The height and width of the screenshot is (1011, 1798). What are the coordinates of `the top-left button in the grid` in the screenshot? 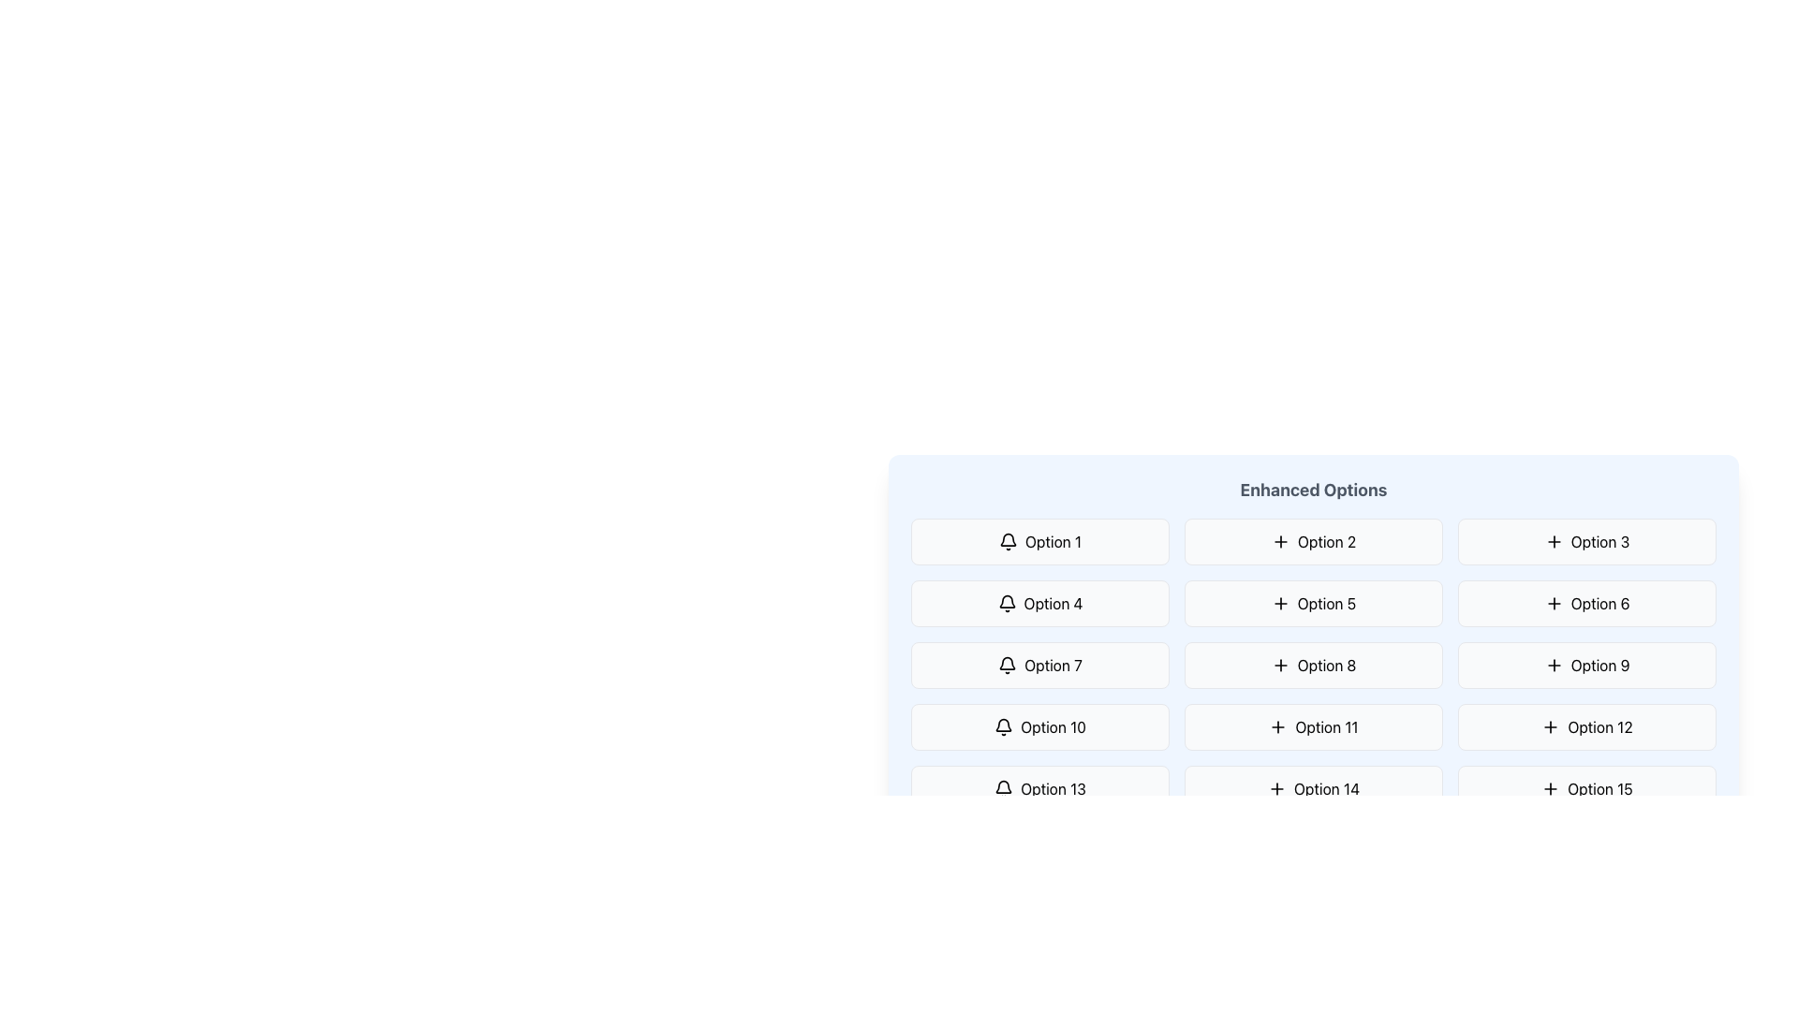 It's located at (1039, 541).